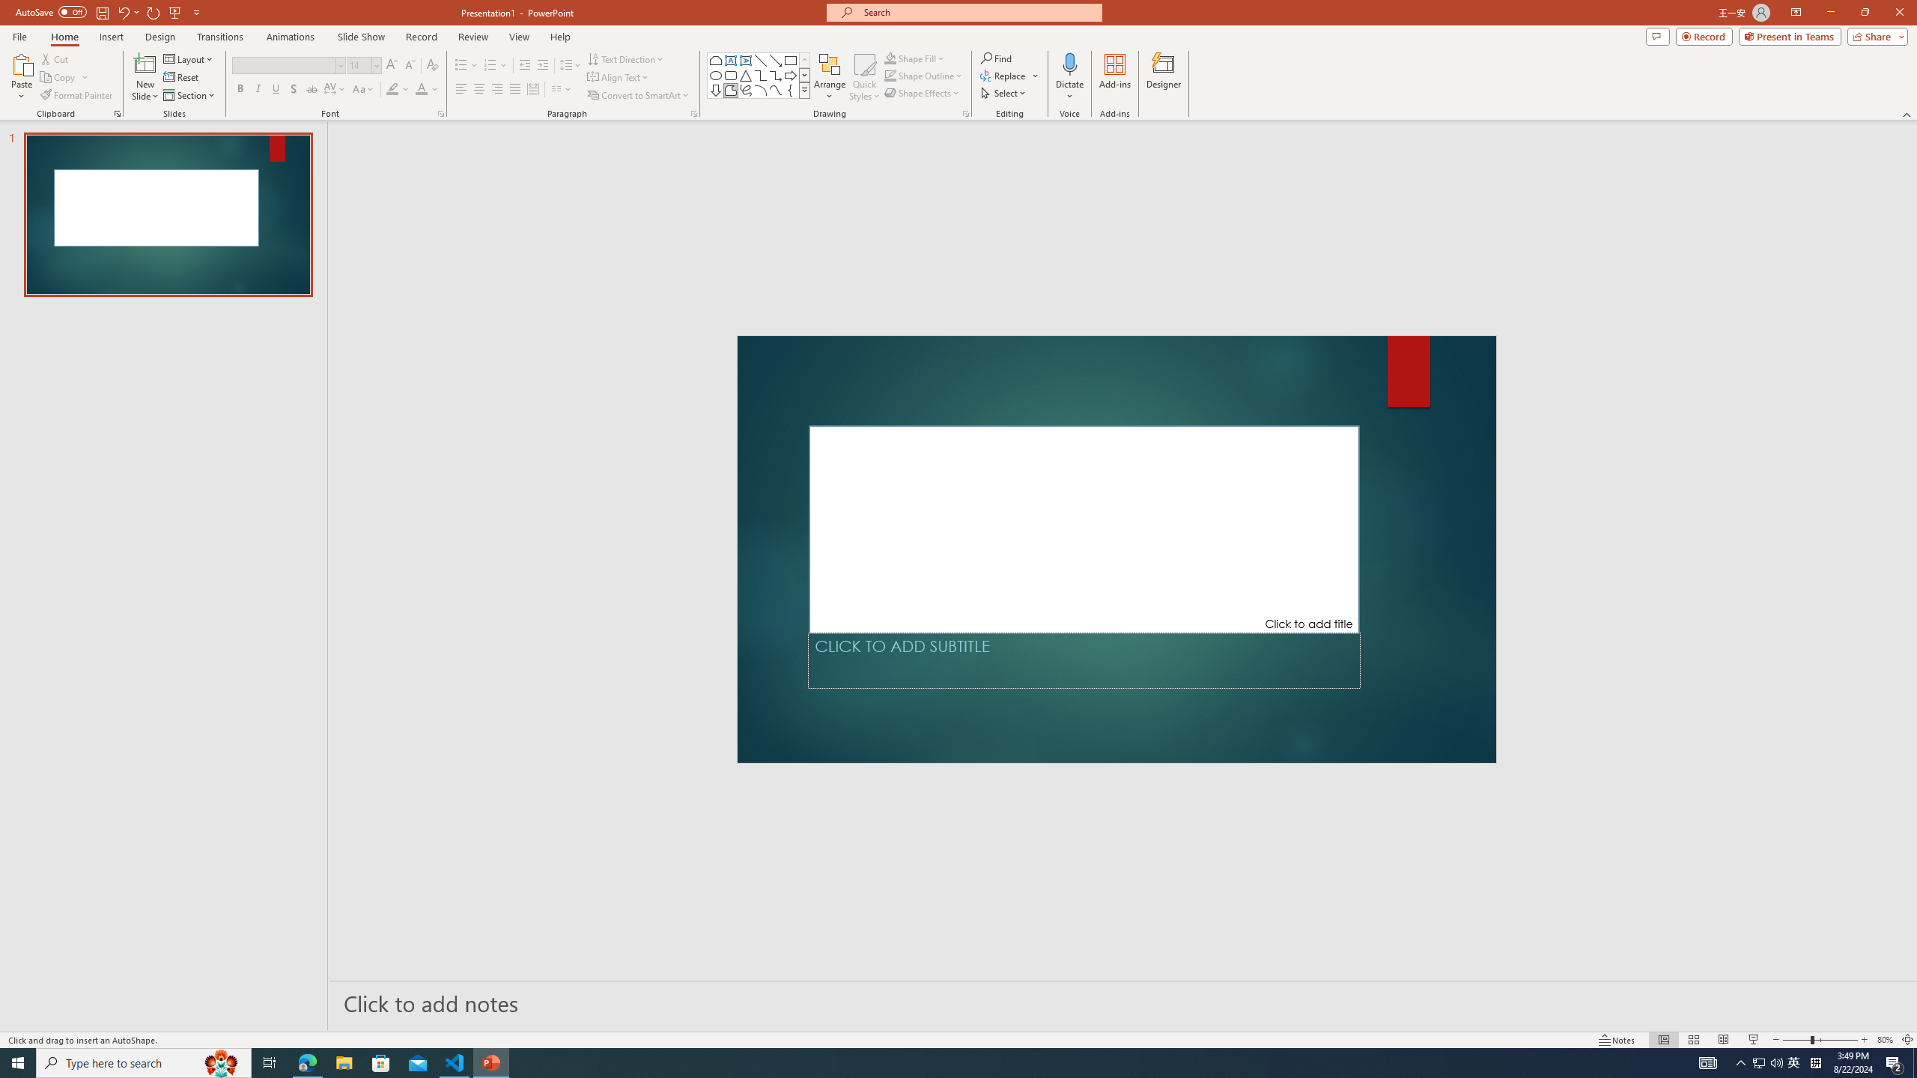 This screenshot has height=1078, width=1917. I want to click on 'Shape Outline', so click(923, 74).